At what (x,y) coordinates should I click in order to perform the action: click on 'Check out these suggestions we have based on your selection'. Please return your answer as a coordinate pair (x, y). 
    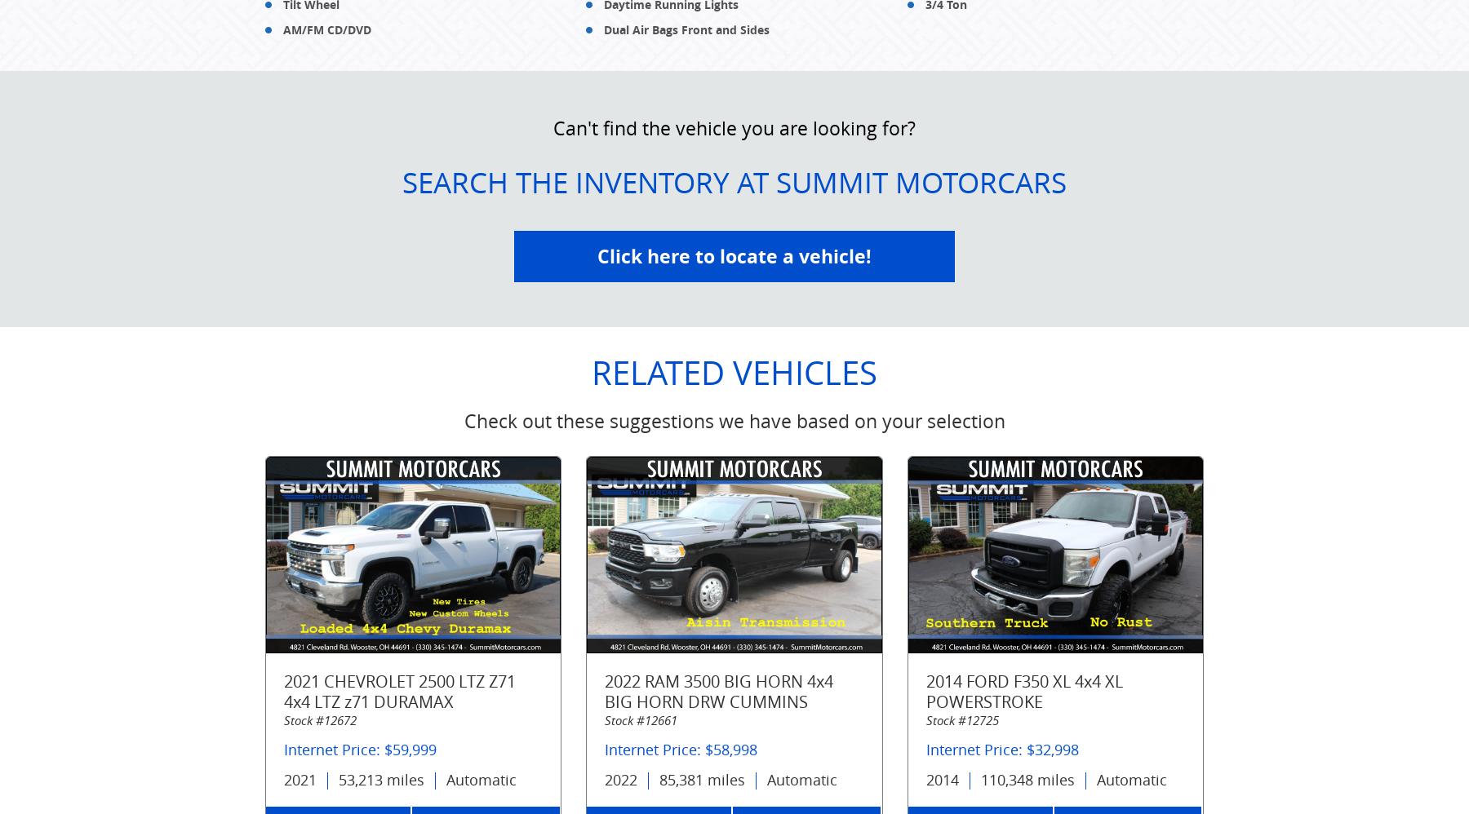
    Looking at the image, I should click on (734, 421).